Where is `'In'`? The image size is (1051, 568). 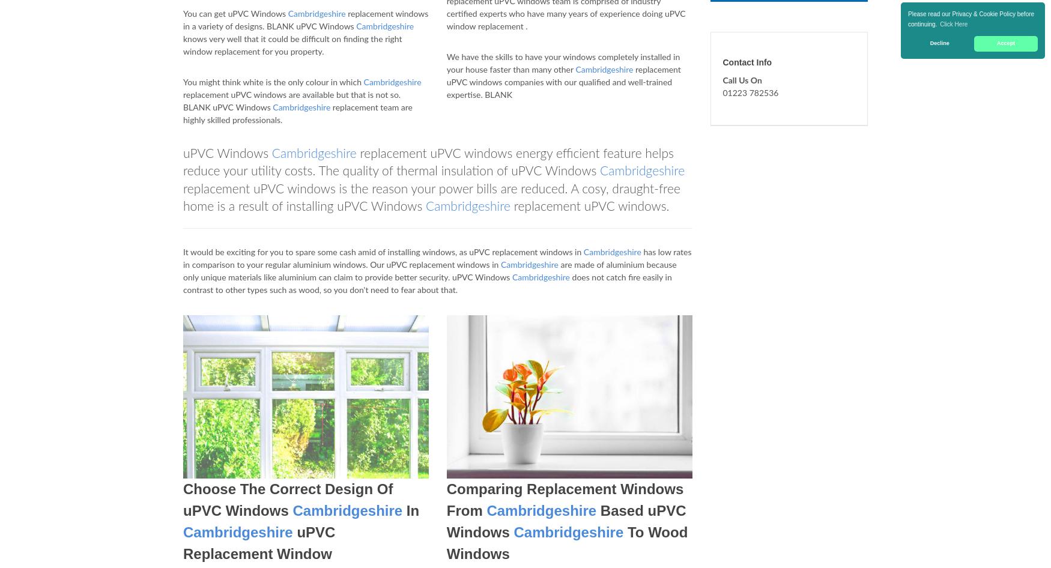
'In' is located at coordinates (410, 510).